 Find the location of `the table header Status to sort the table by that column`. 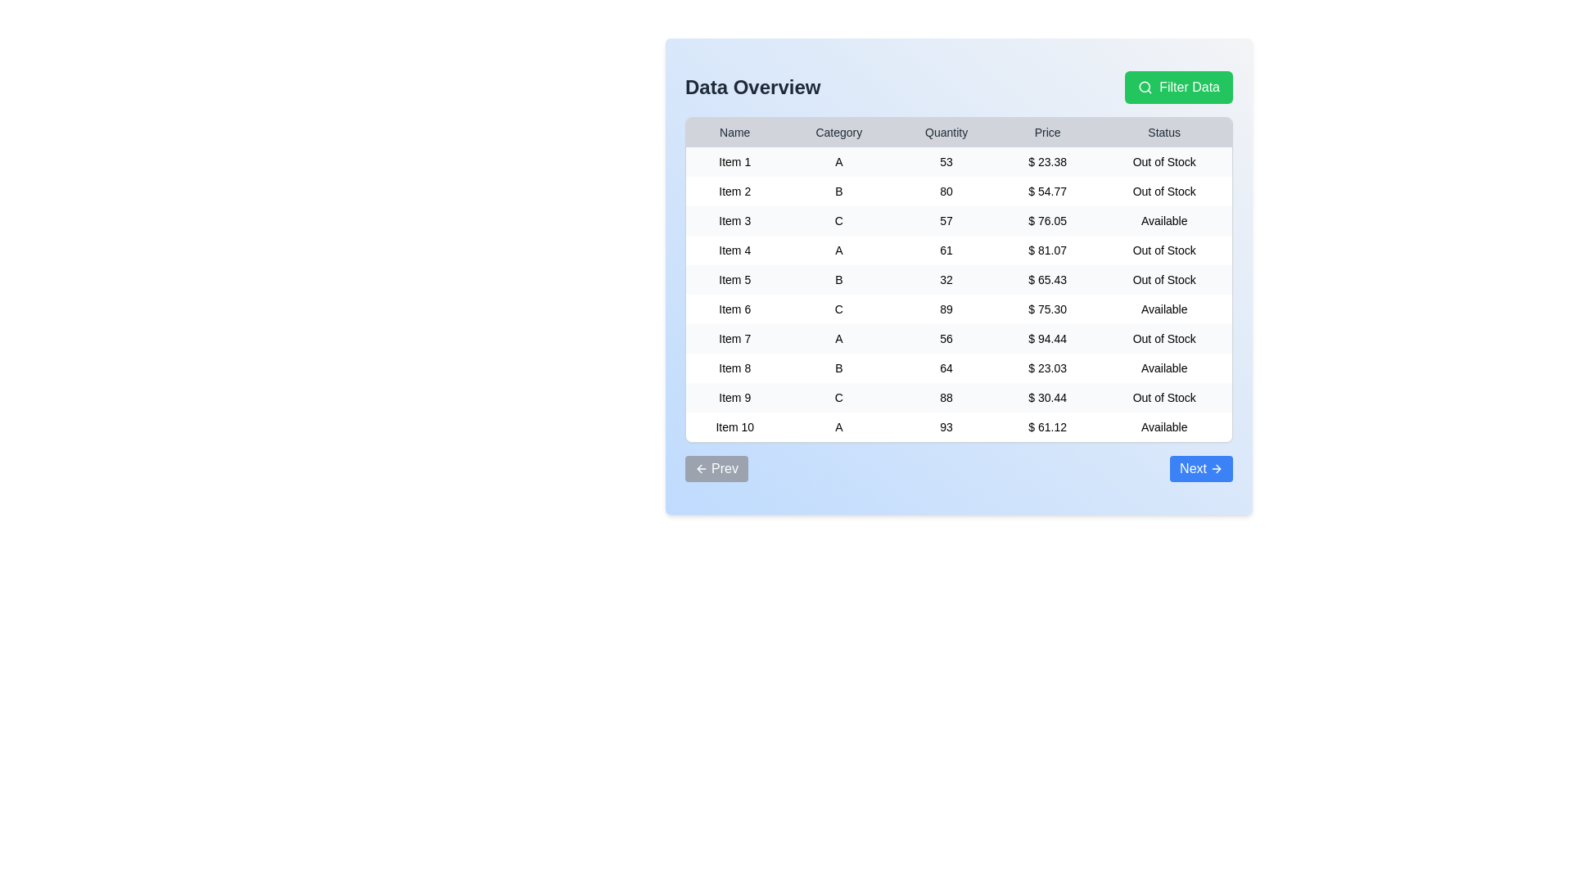

the table header Status to sort the table by that column is located at coordinates (1163, 132).